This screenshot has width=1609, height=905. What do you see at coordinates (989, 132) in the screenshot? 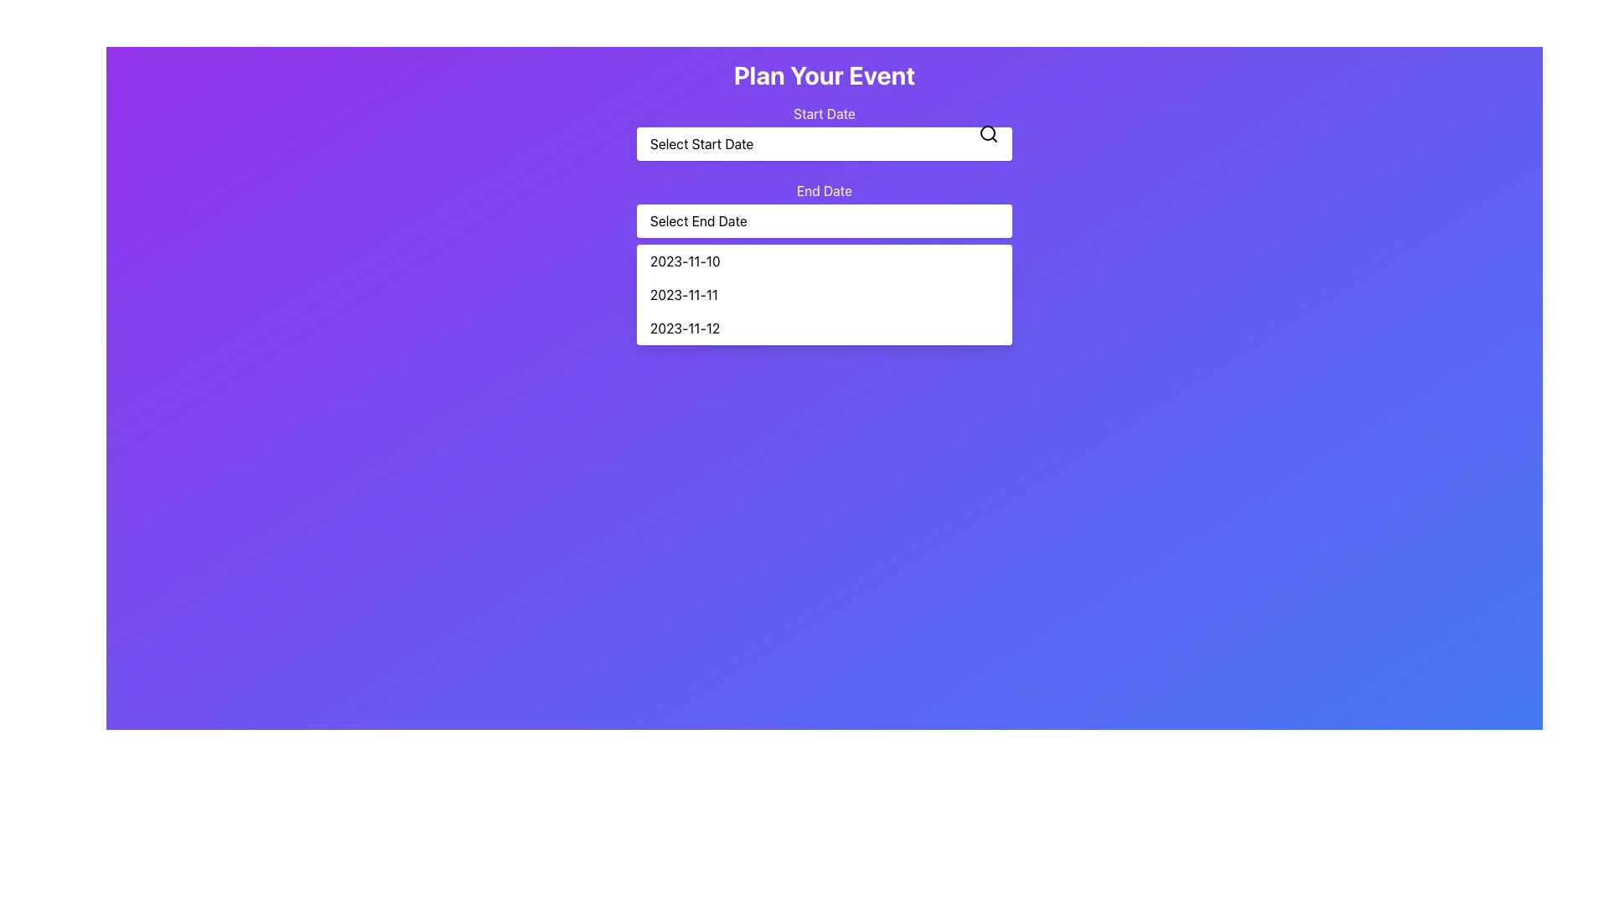
I see `the magnifying glass icon located at the top-right corner of the 'Select Start Date' input field to possibly display a tooltip` at bounding box center [989, 132].